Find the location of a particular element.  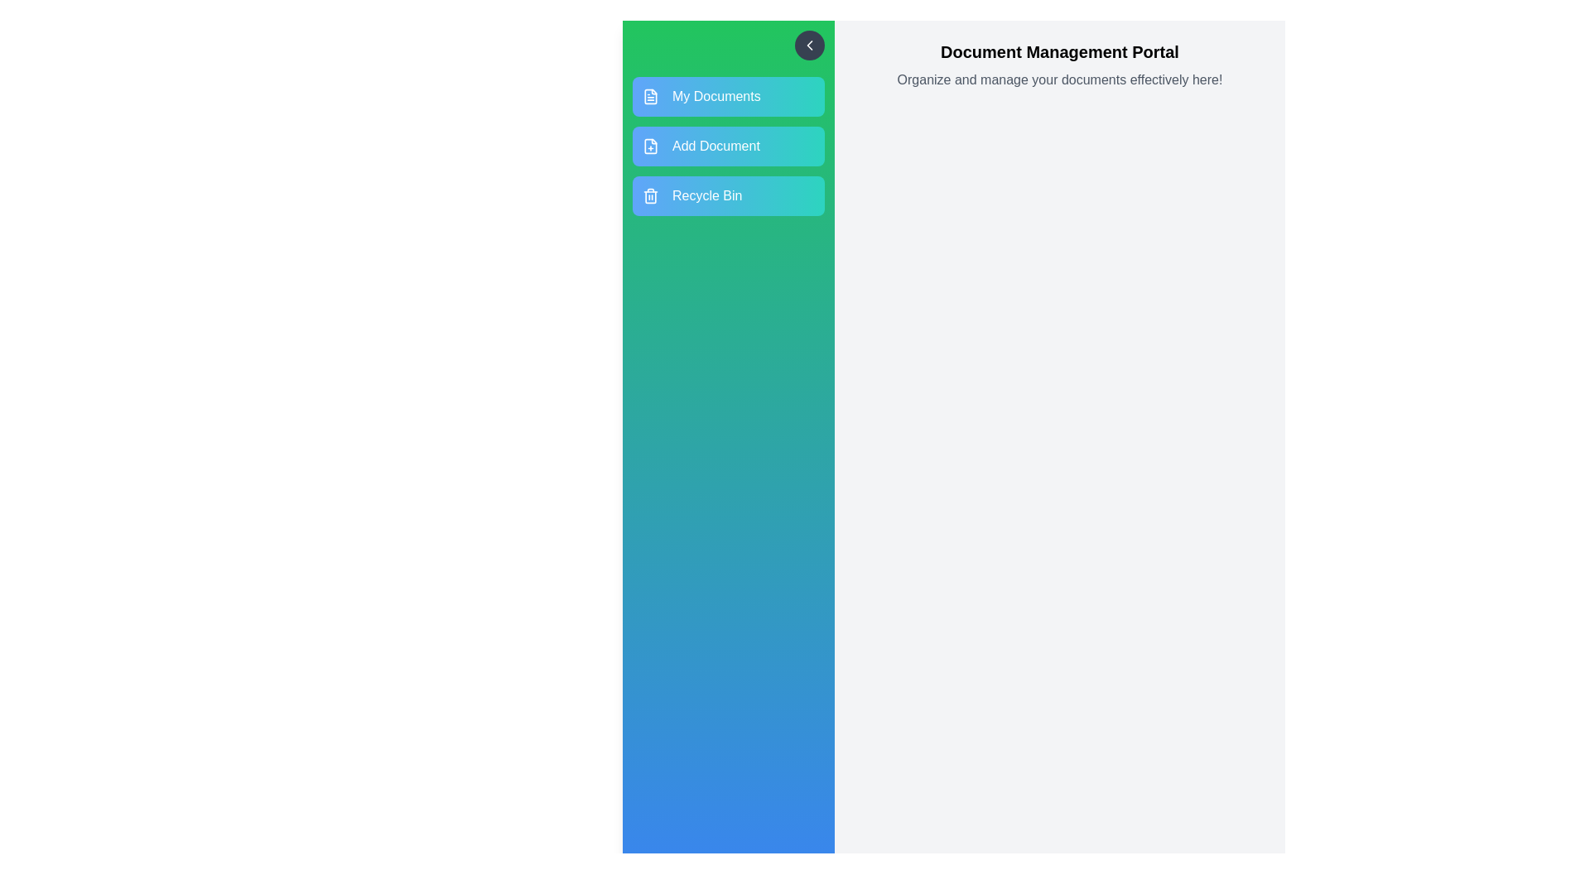

the menu option Add Document to view its hover effect is located at coordinates (728, 146).